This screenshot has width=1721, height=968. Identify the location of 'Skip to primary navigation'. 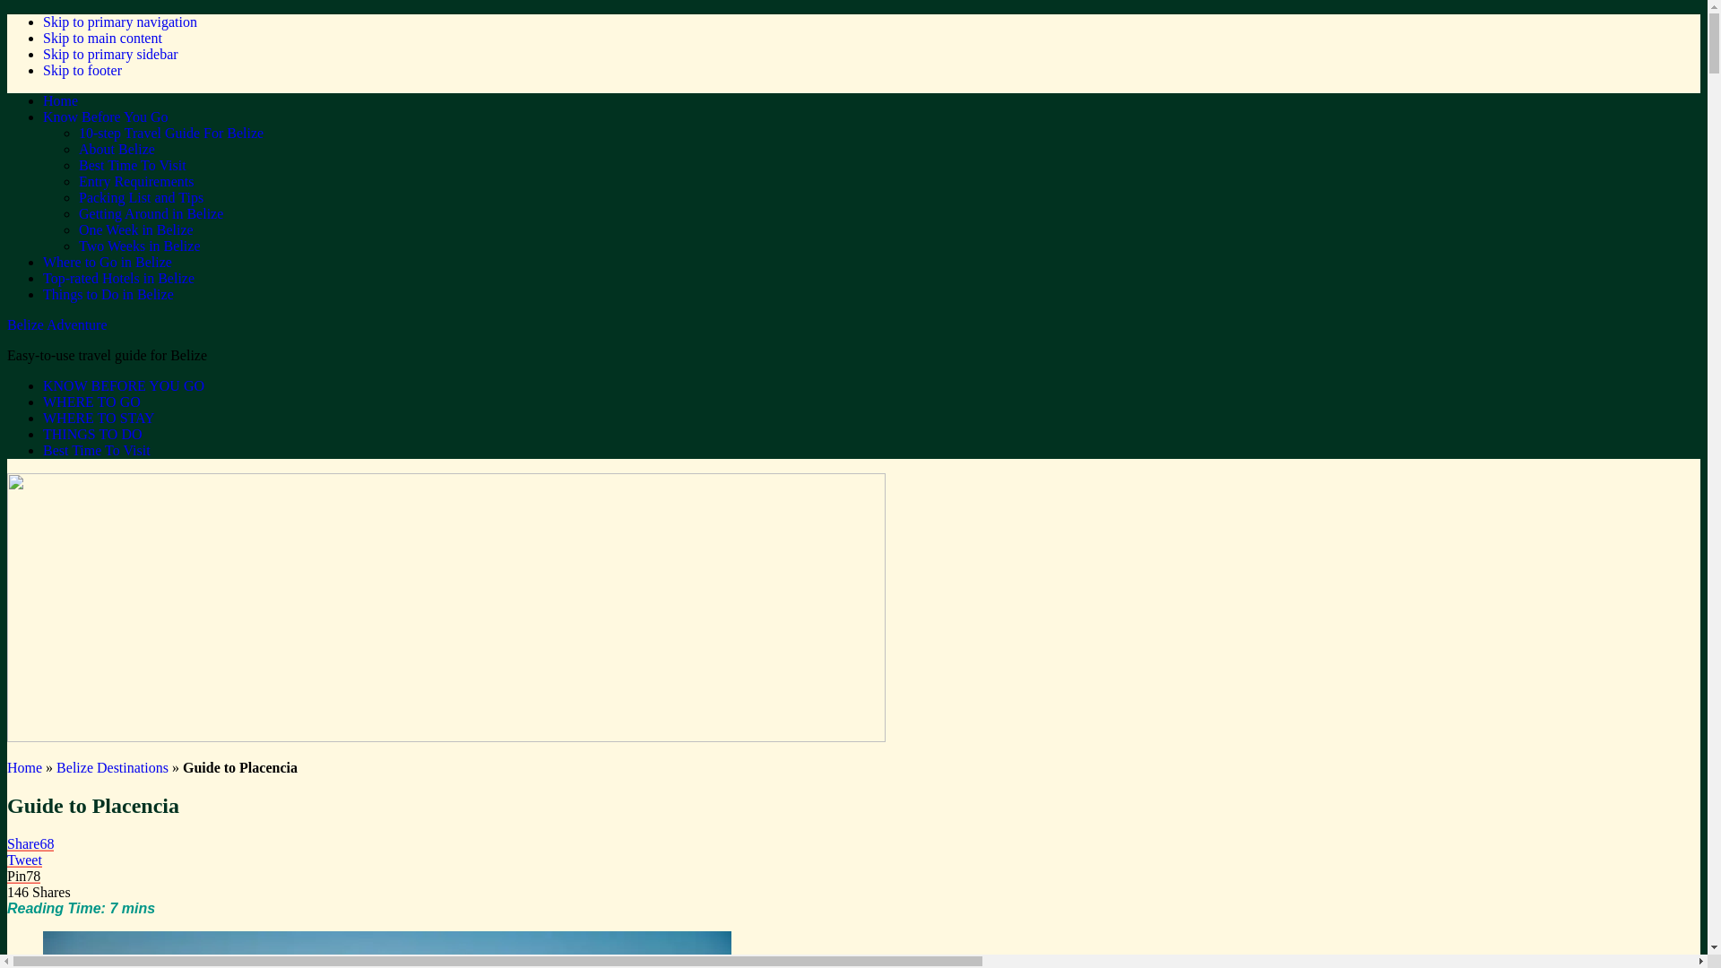
(119, 22).